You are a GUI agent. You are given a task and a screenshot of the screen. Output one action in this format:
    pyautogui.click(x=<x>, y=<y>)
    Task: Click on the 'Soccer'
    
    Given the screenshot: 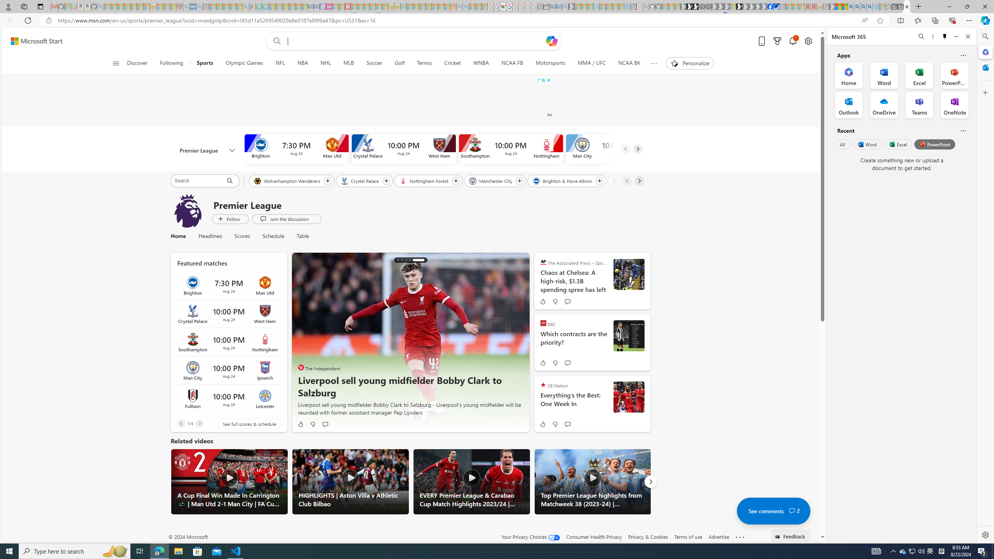 What is the action you would take?
    pyautogui.click(x=374, y=63)
    